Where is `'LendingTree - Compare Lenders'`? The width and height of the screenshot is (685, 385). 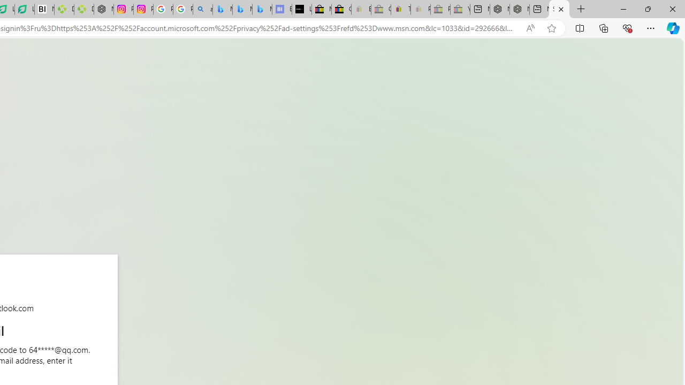
'LendingTree - Compare Lenders' is located at coordinates (25, 9).